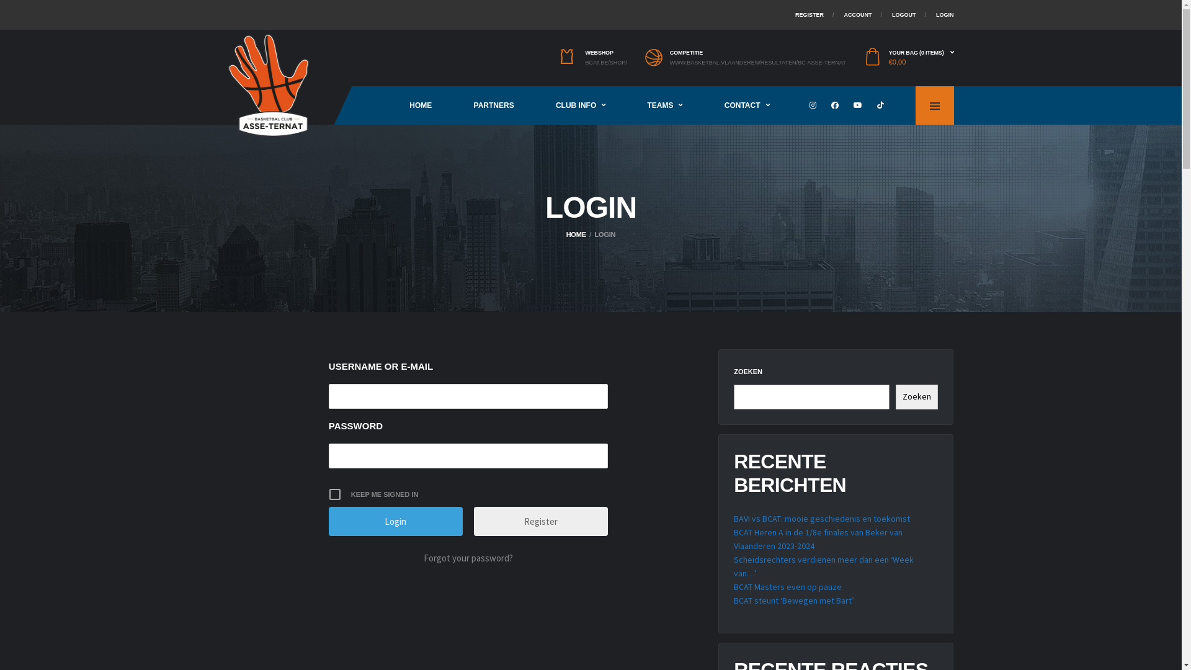 The height and width of the screenshot is (670, 1191). I want to click on 'REGISTER', so click(795, 14).